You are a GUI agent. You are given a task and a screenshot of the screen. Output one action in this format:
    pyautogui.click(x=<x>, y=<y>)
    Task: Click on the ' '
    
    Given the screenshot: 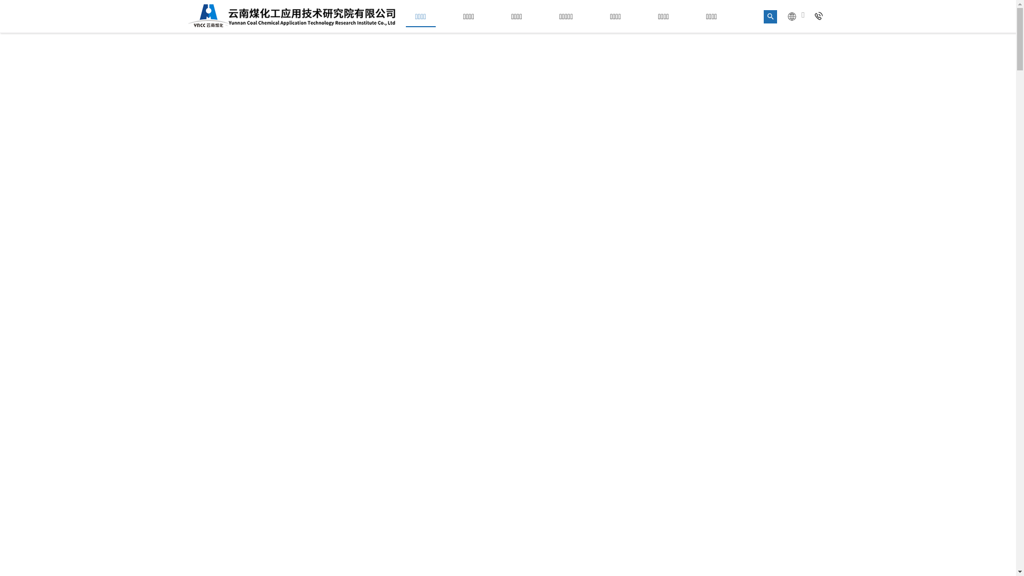 What is the action you would take?
    pyautogui.click(x=820, y=16)
    